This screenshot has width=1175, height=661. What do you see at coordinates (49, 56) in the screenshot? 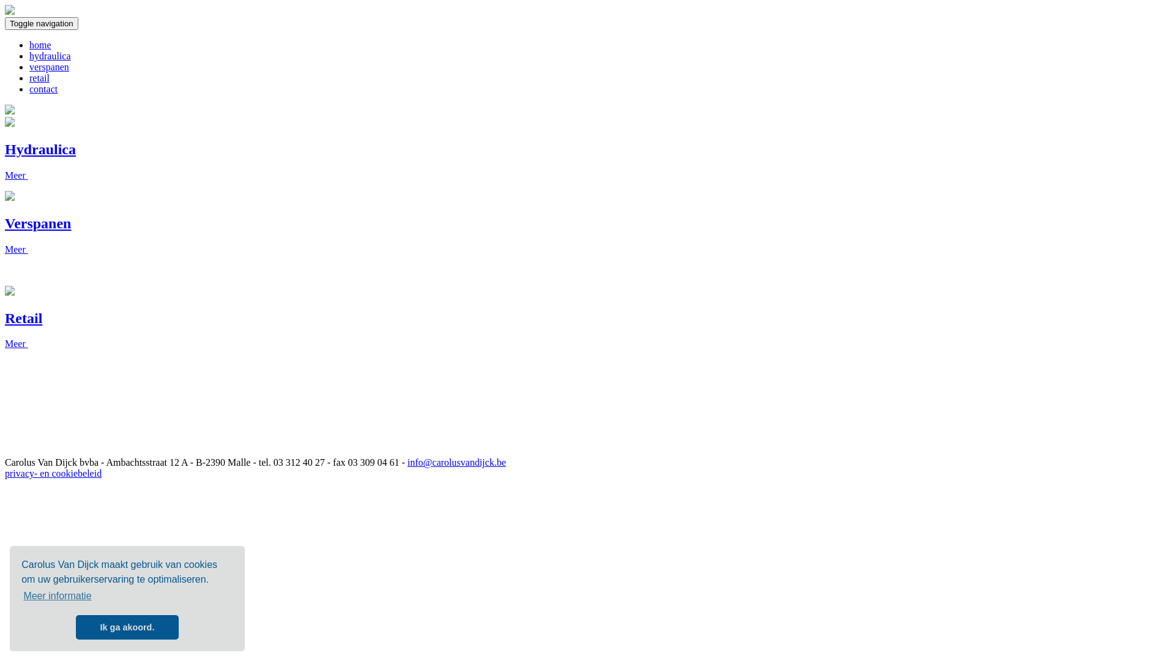
I see `'hydraulica'` at bounding box center [49, 56].